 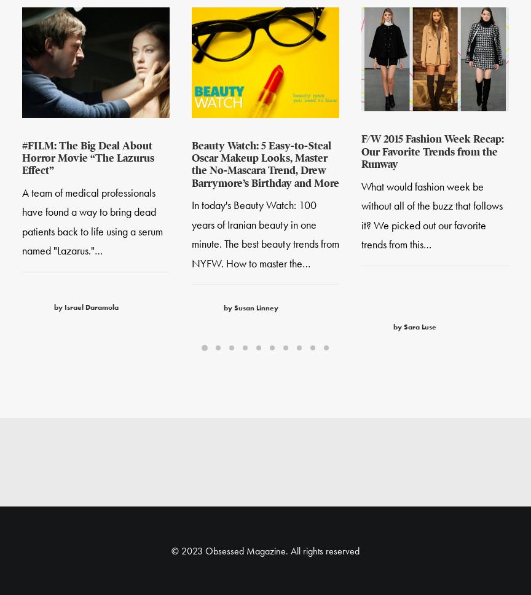 I want to click on '#FILM: The Big Deal About Horror Movie “The Lazurus Effect”', so click(x=87, y=160).